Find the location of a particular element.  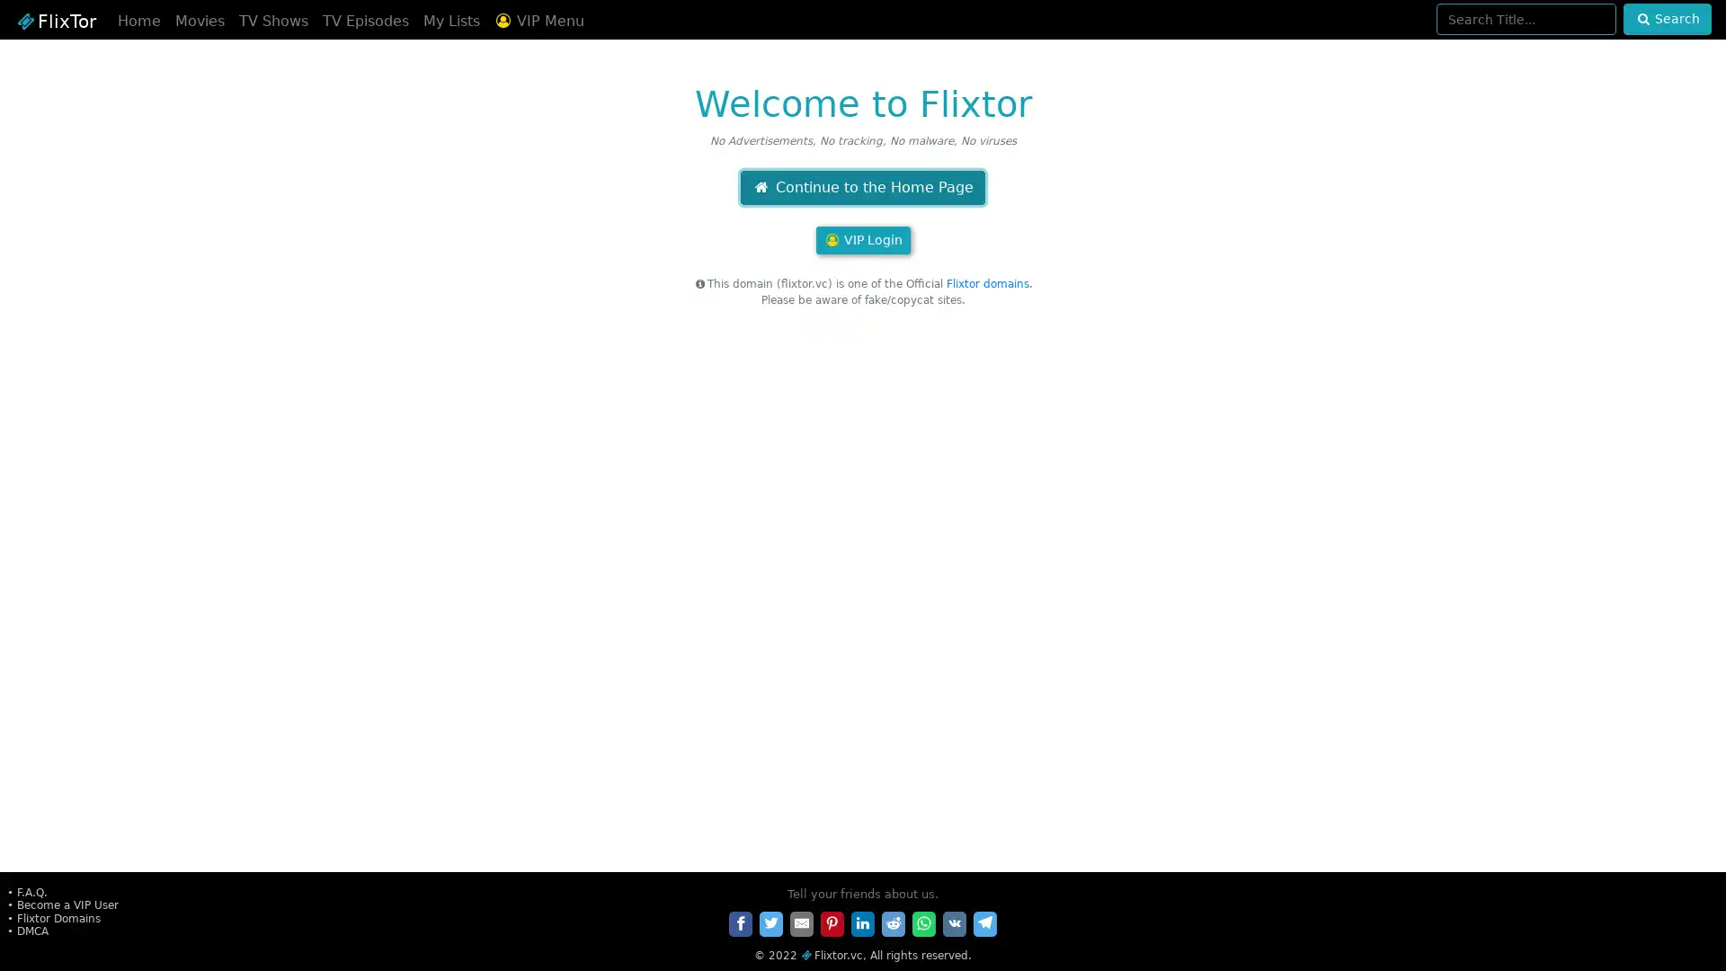

VIP Login is located at coordinates (861, 239).